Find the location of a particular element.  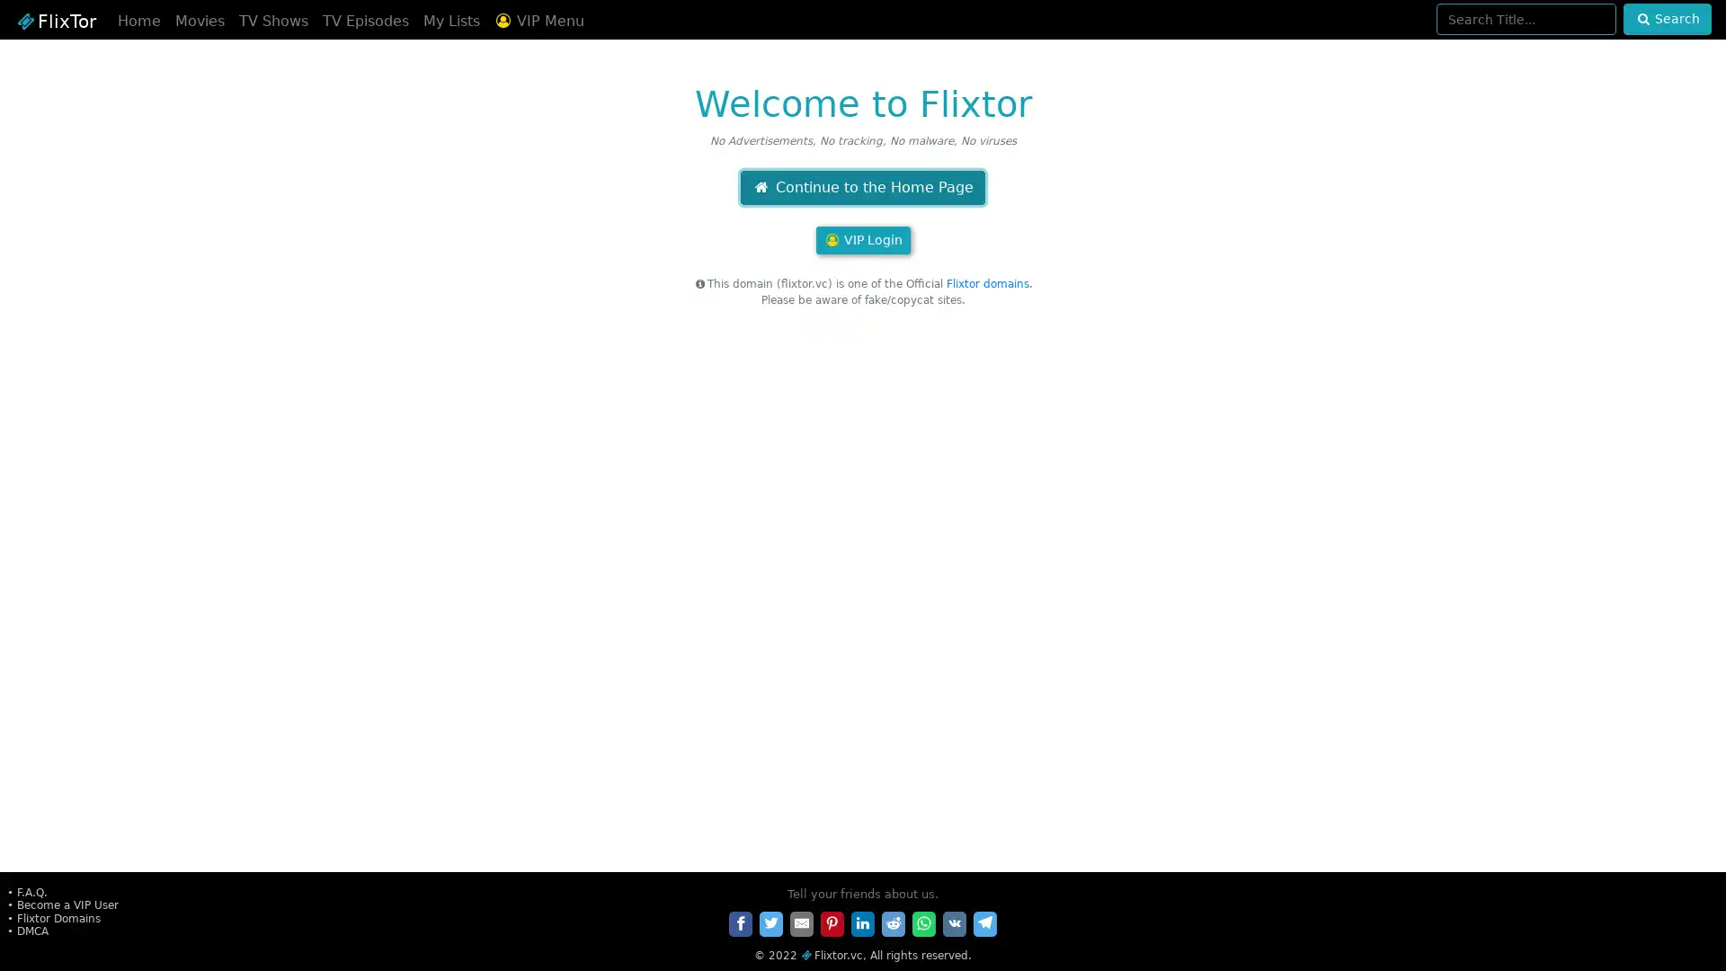

VIP Login is located at coordinates (861, 239).